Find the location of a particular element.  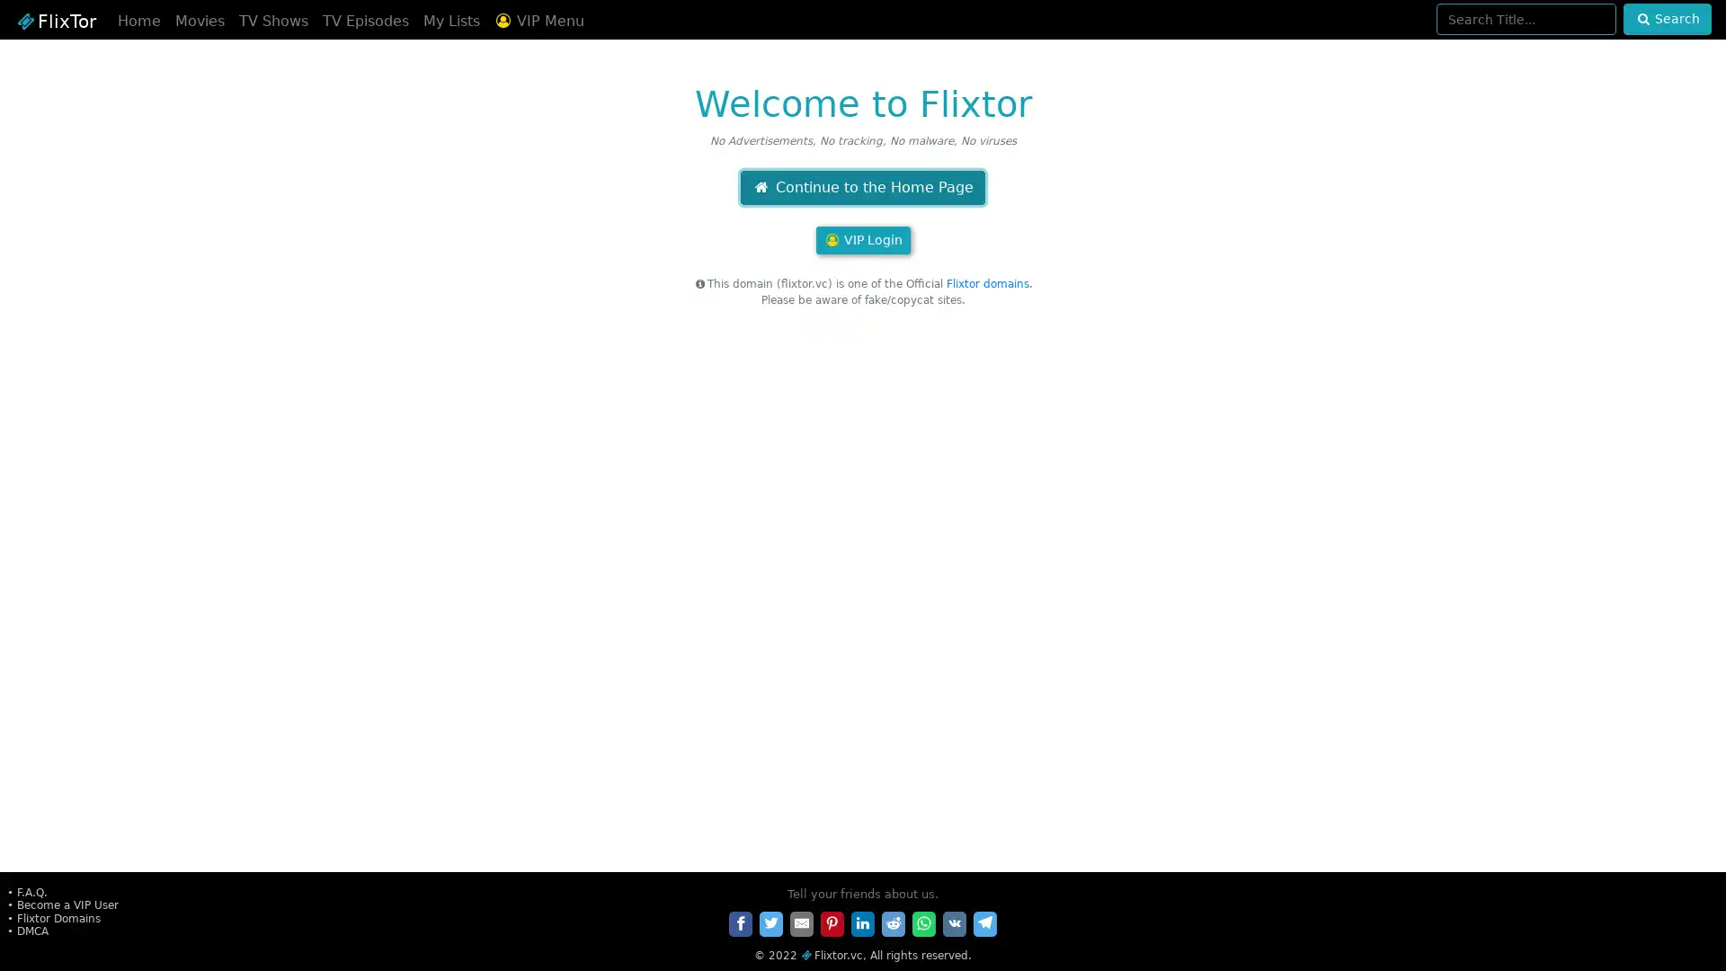

VIP Login is located at coordinates (861, 239).